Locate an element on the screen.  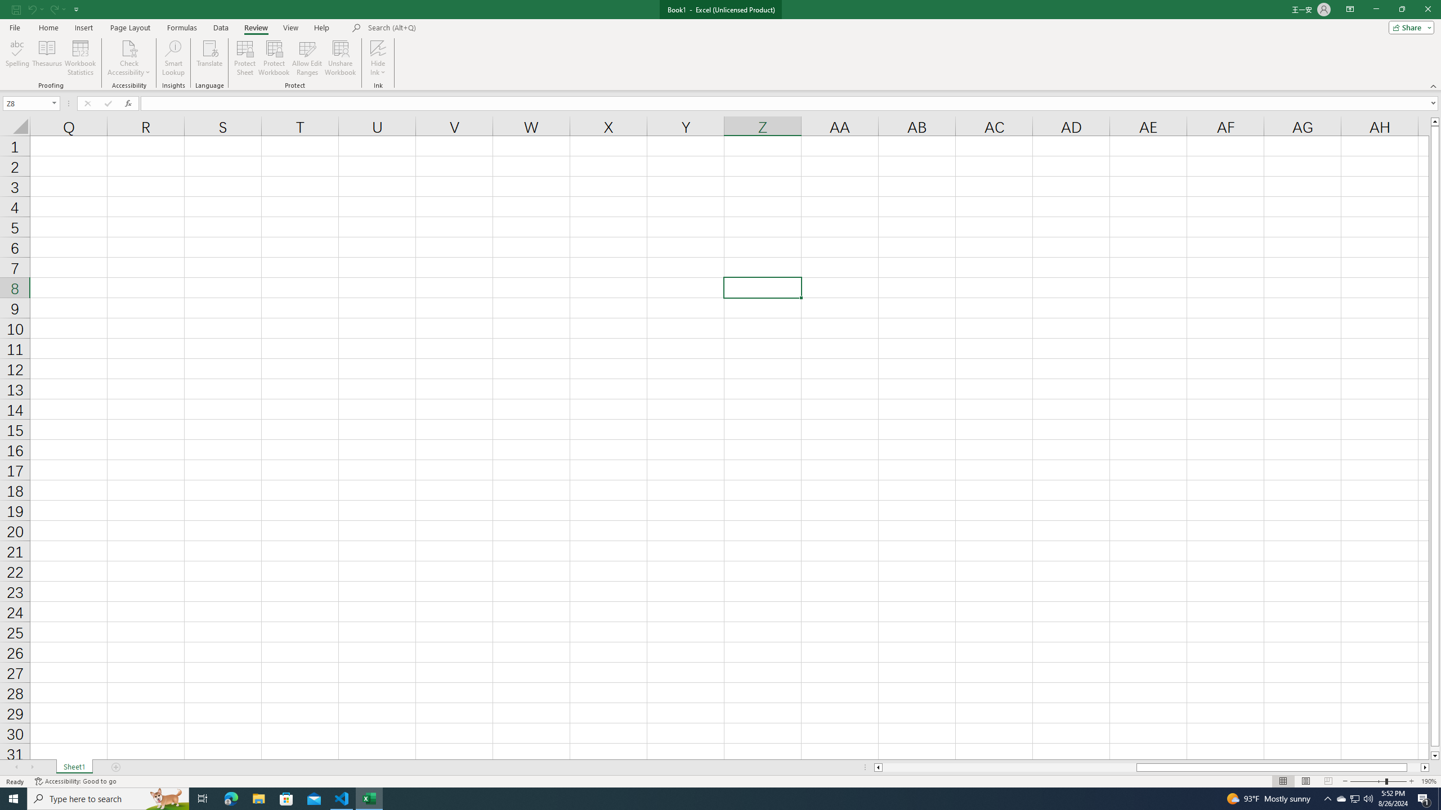
'Page left' is located at coordinates (1009, 767).